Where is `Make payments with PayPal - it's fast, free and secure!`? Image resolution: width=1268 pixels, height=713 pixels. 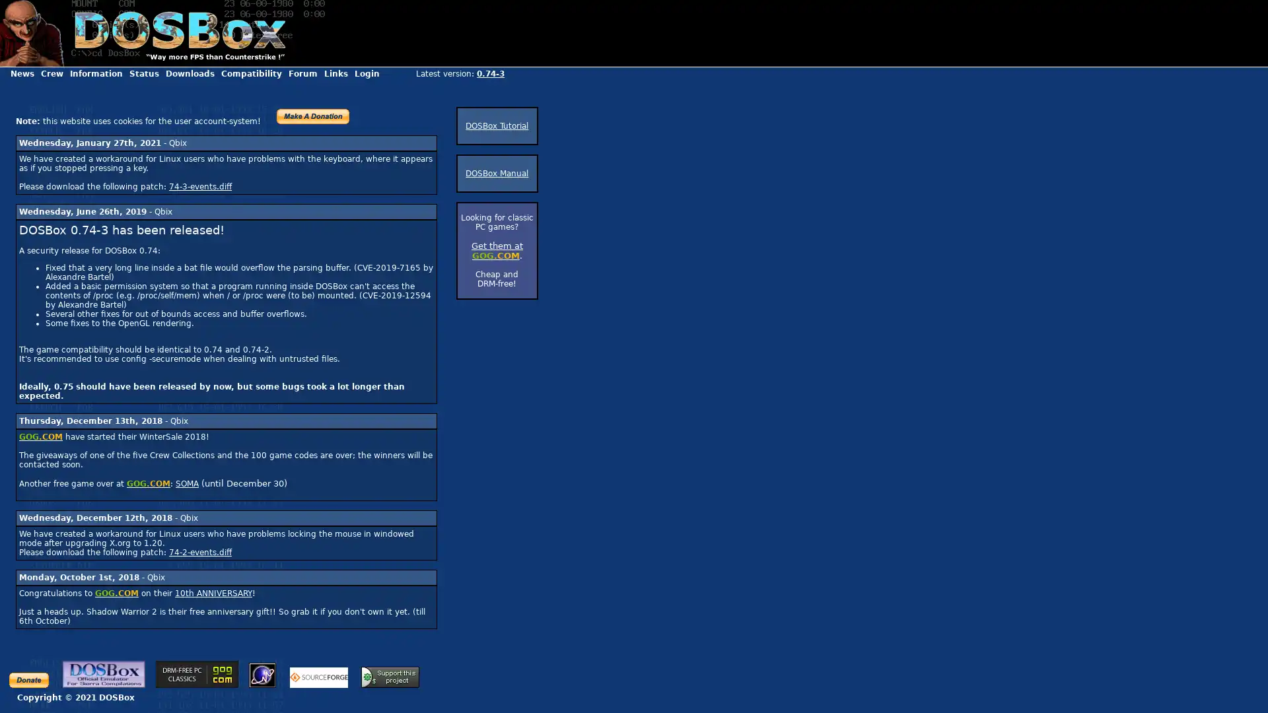 Make payments with PayPal - it's fast, free and secure! is located at coordinates (28, 680).